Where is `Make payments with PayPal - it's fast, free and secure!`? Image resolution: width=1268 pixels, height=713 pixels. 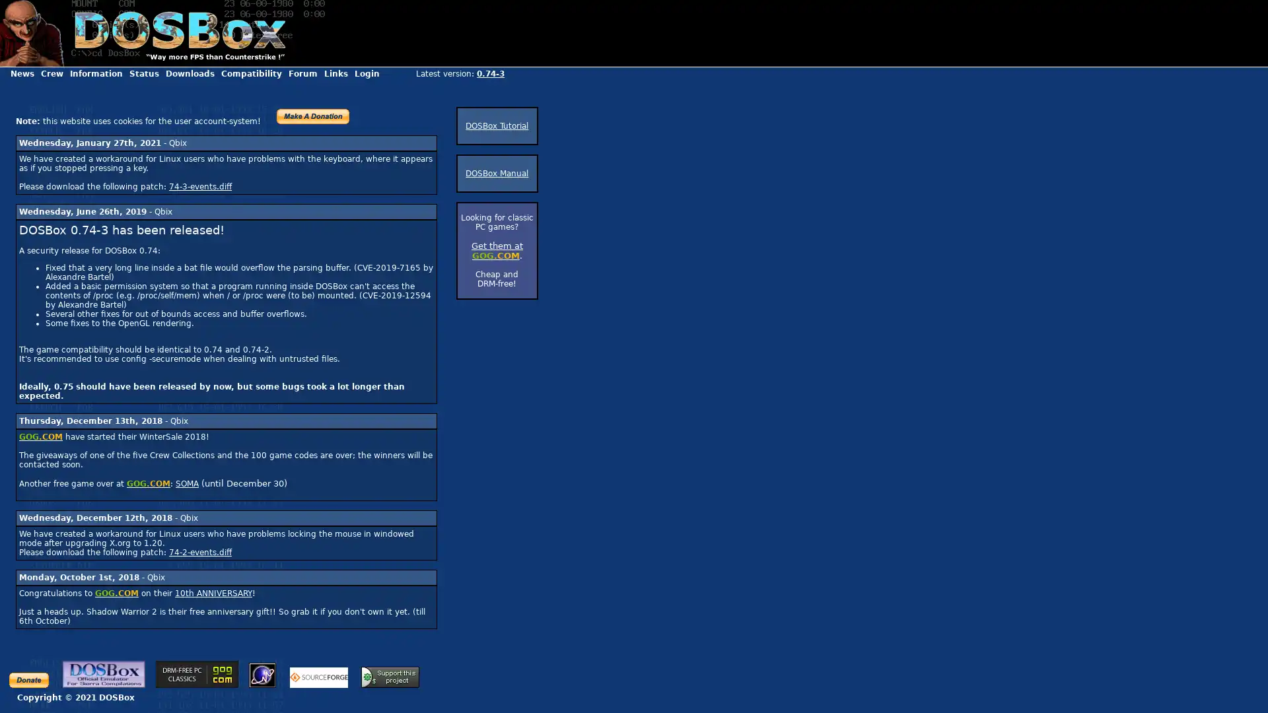 Make payments with PayPal - it's fast, free and secure! is located at coordinates (28, 680).